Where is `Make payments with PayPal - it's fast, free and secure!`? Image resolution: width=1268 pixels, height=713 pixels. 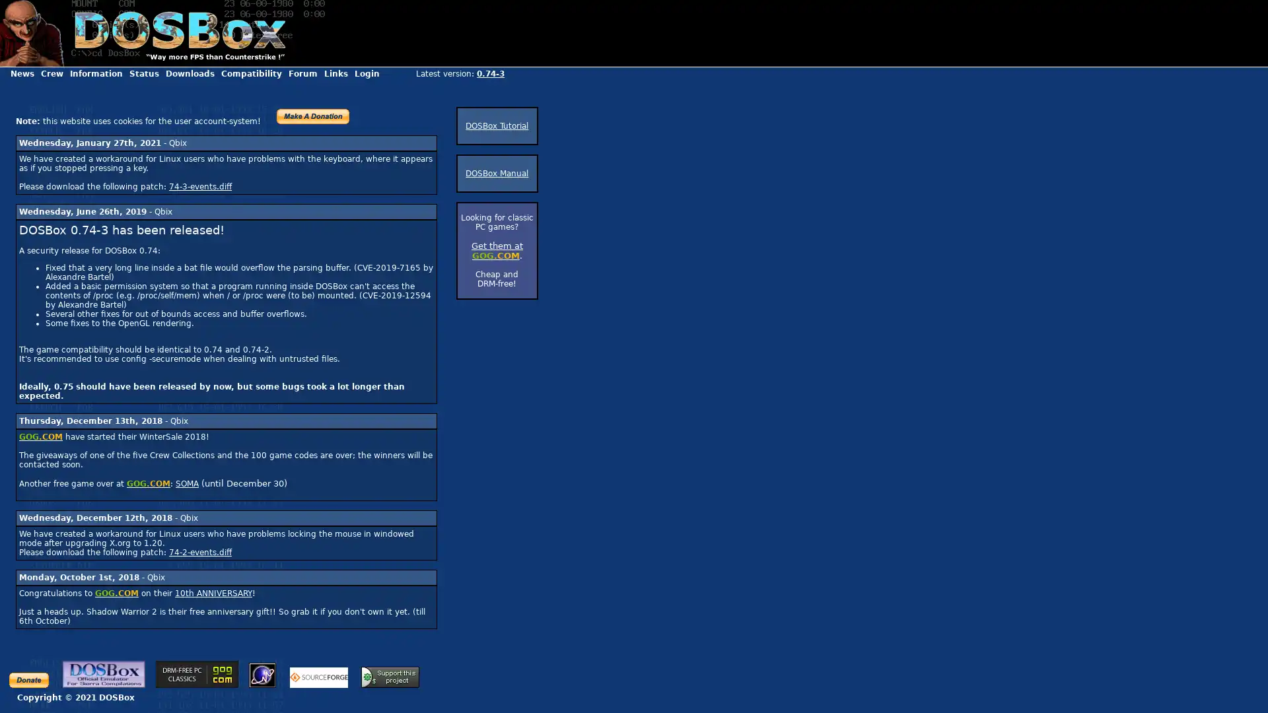 Make payments with PayPal - it's fast, free and secure! is located at coordinates (28, 680).